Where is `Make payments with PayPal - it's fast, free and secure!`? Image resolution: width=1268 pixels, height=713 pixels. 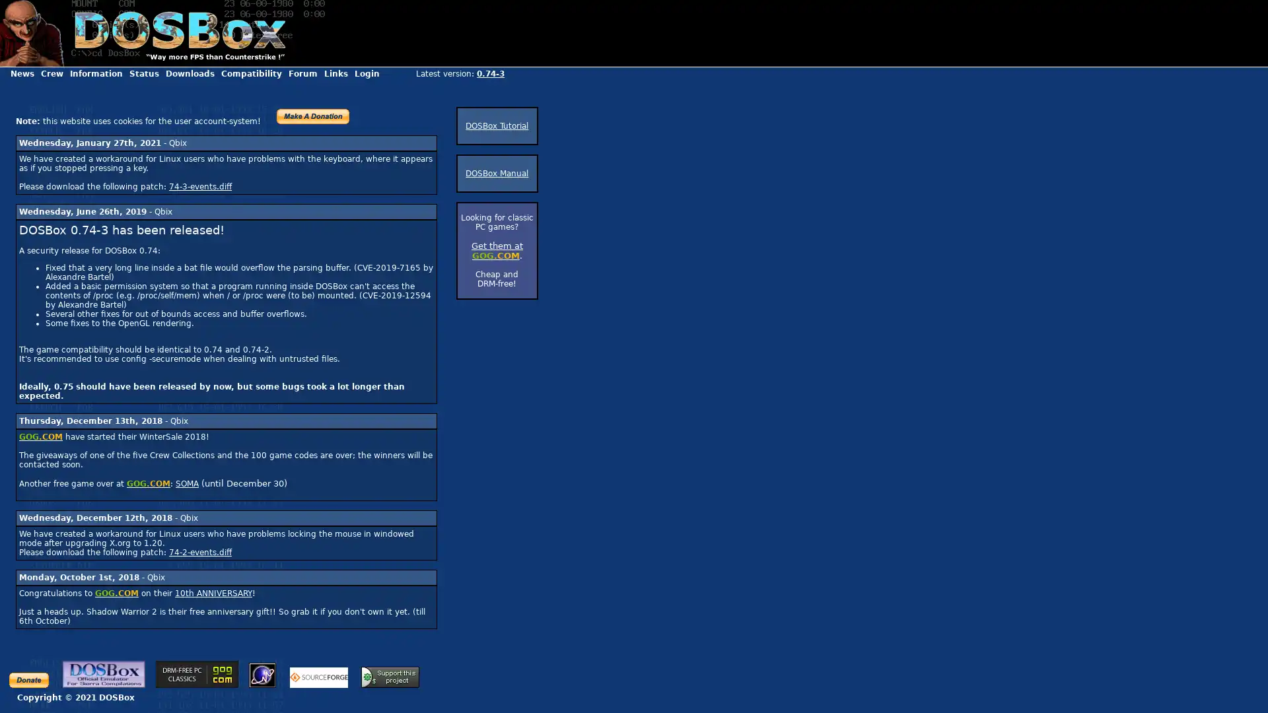 Make payments with PayPal - it's fast, free and secure! is located at coordinates (28, 680).